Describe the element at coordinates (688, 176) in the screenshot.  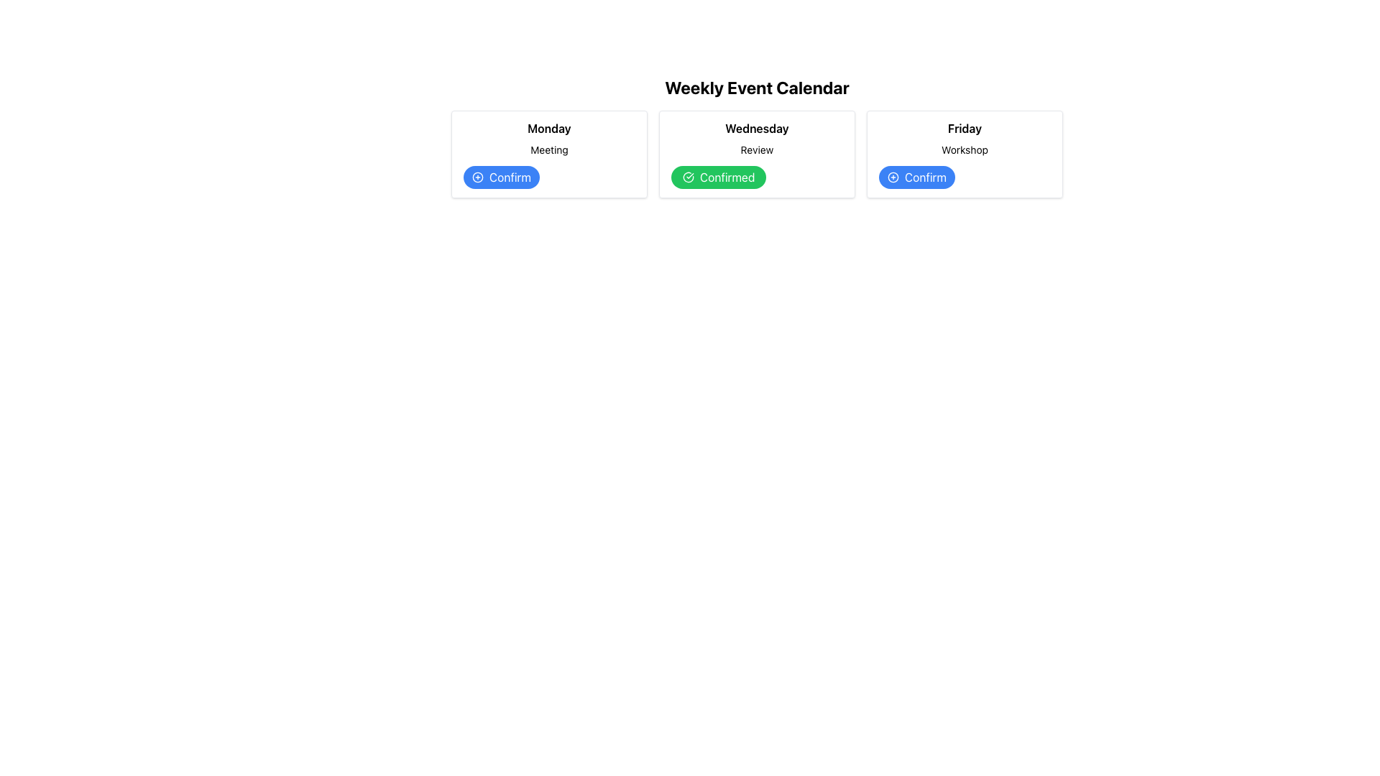
I see `the green check mark icon inside the circular outline on the 'Confirmed' button located in the 'Wednesday' column for visual confirmation` at that location.